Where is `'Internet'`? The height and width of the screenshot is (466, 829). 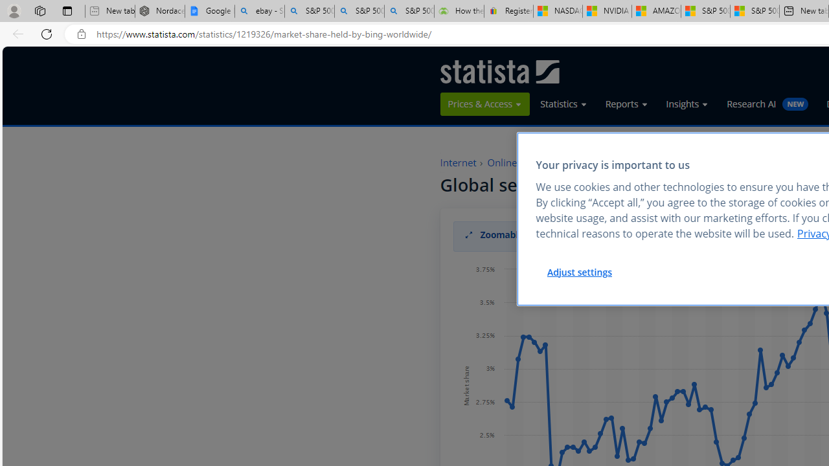
'Internet' is located at coordinates (463, 162).